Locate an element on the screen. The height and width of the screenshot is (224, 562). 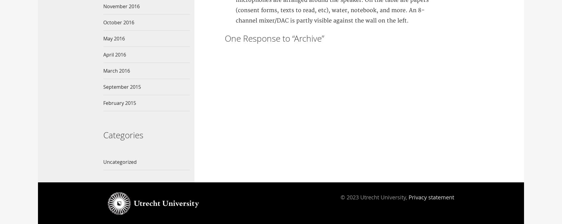
'Response to “Archive”' is located at coordinates (282, 38).